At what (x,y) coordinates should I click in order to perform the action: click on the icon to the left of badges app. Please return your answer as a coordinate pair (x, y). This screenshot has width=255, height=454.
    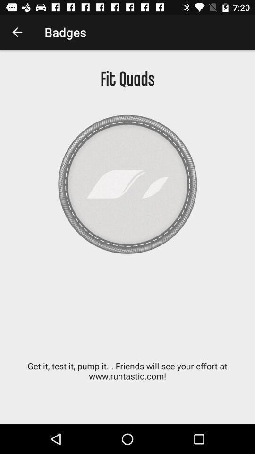
    Looking at the image, I should click on (17, 32).